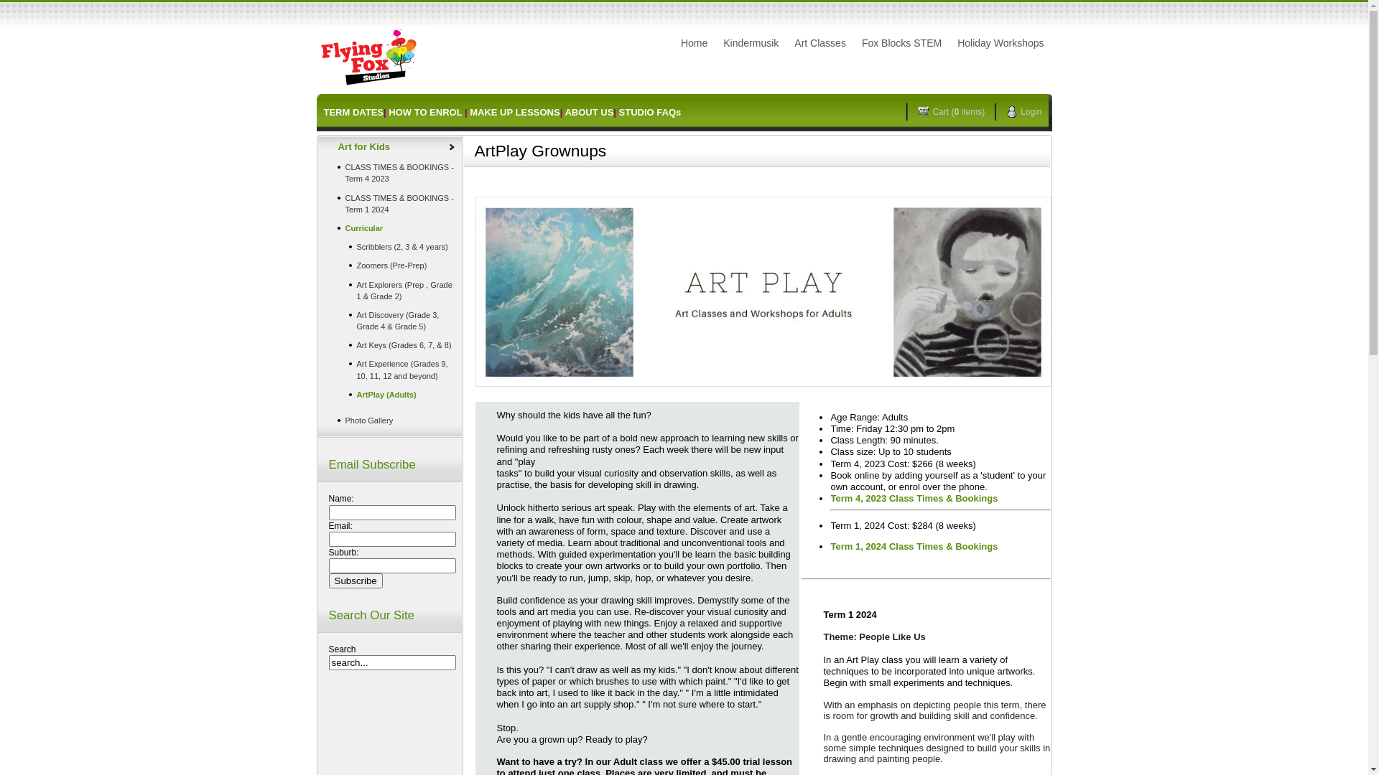  Describe the element at coordinates (389, 395) in the screenshot. I see `'ArtPlay (Adults)'` at that location.